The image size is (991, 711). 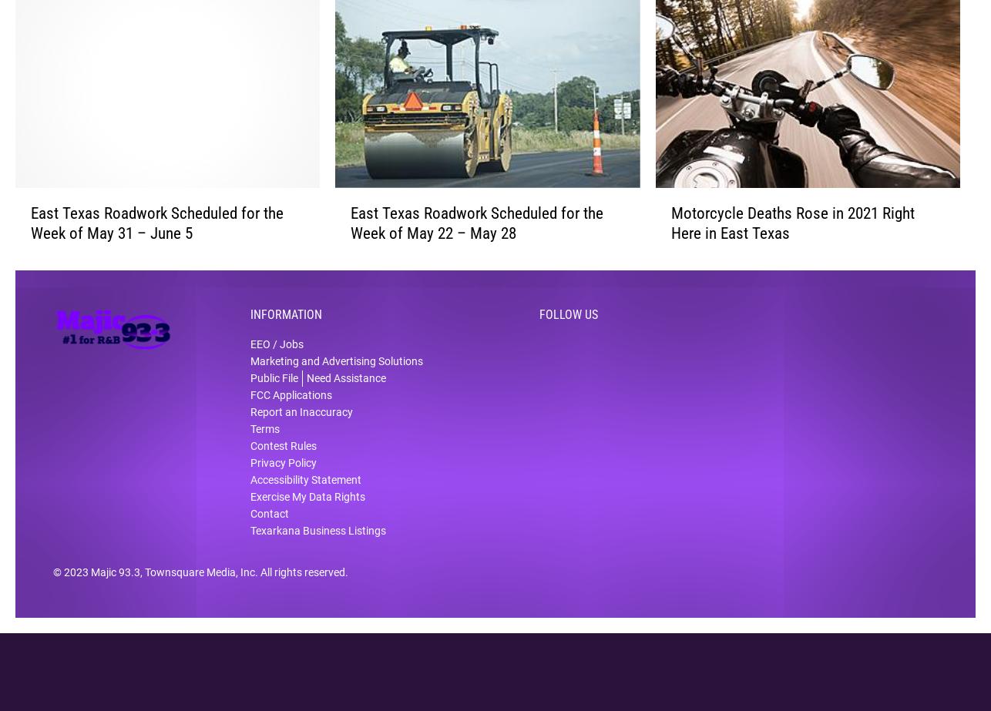 I want to click on 'Report an Inaccuracy', so click(x=301, y=422).